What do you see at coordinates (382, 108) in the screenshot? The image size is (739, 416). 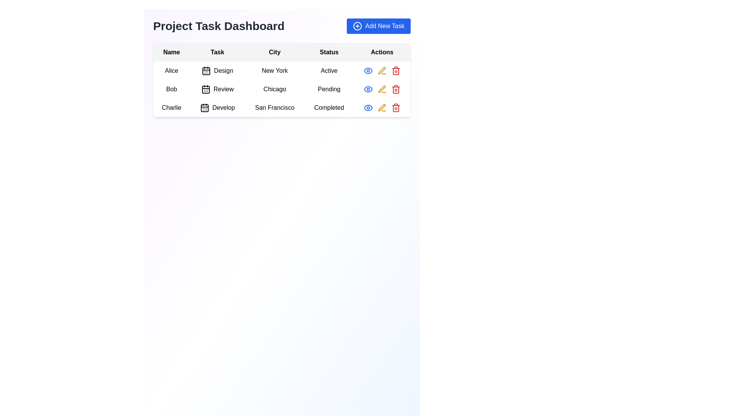 I see `the edit icon button located in the 'Actions' column of the last row for 'Charlie'` at bounding box center [382, 108].